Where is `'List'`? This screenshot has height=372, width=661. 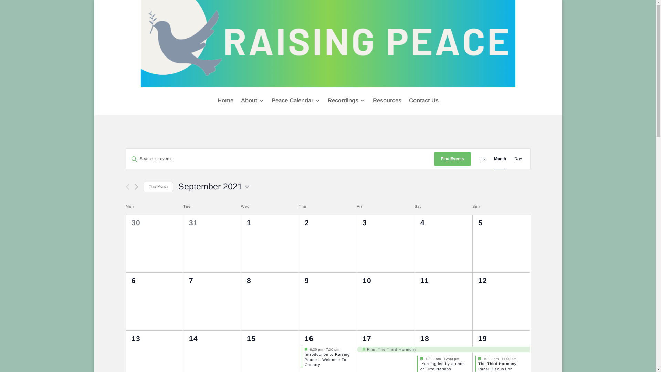
'List' is located at coordinates (482, 159).